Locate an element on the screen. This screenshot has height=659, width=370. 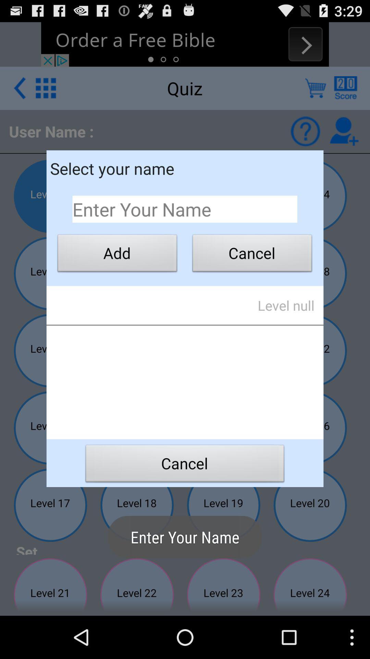
the arrow_backward icon is located at coordinates (19, 94).